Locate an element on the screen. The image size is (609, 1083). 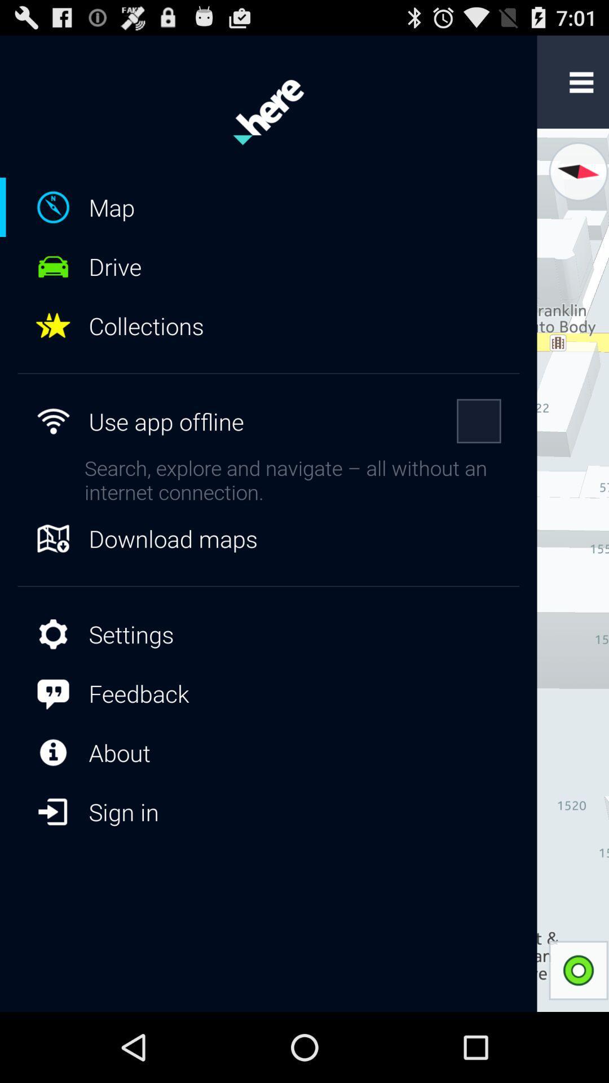
the explore icon is located at coordinates (577, 183).